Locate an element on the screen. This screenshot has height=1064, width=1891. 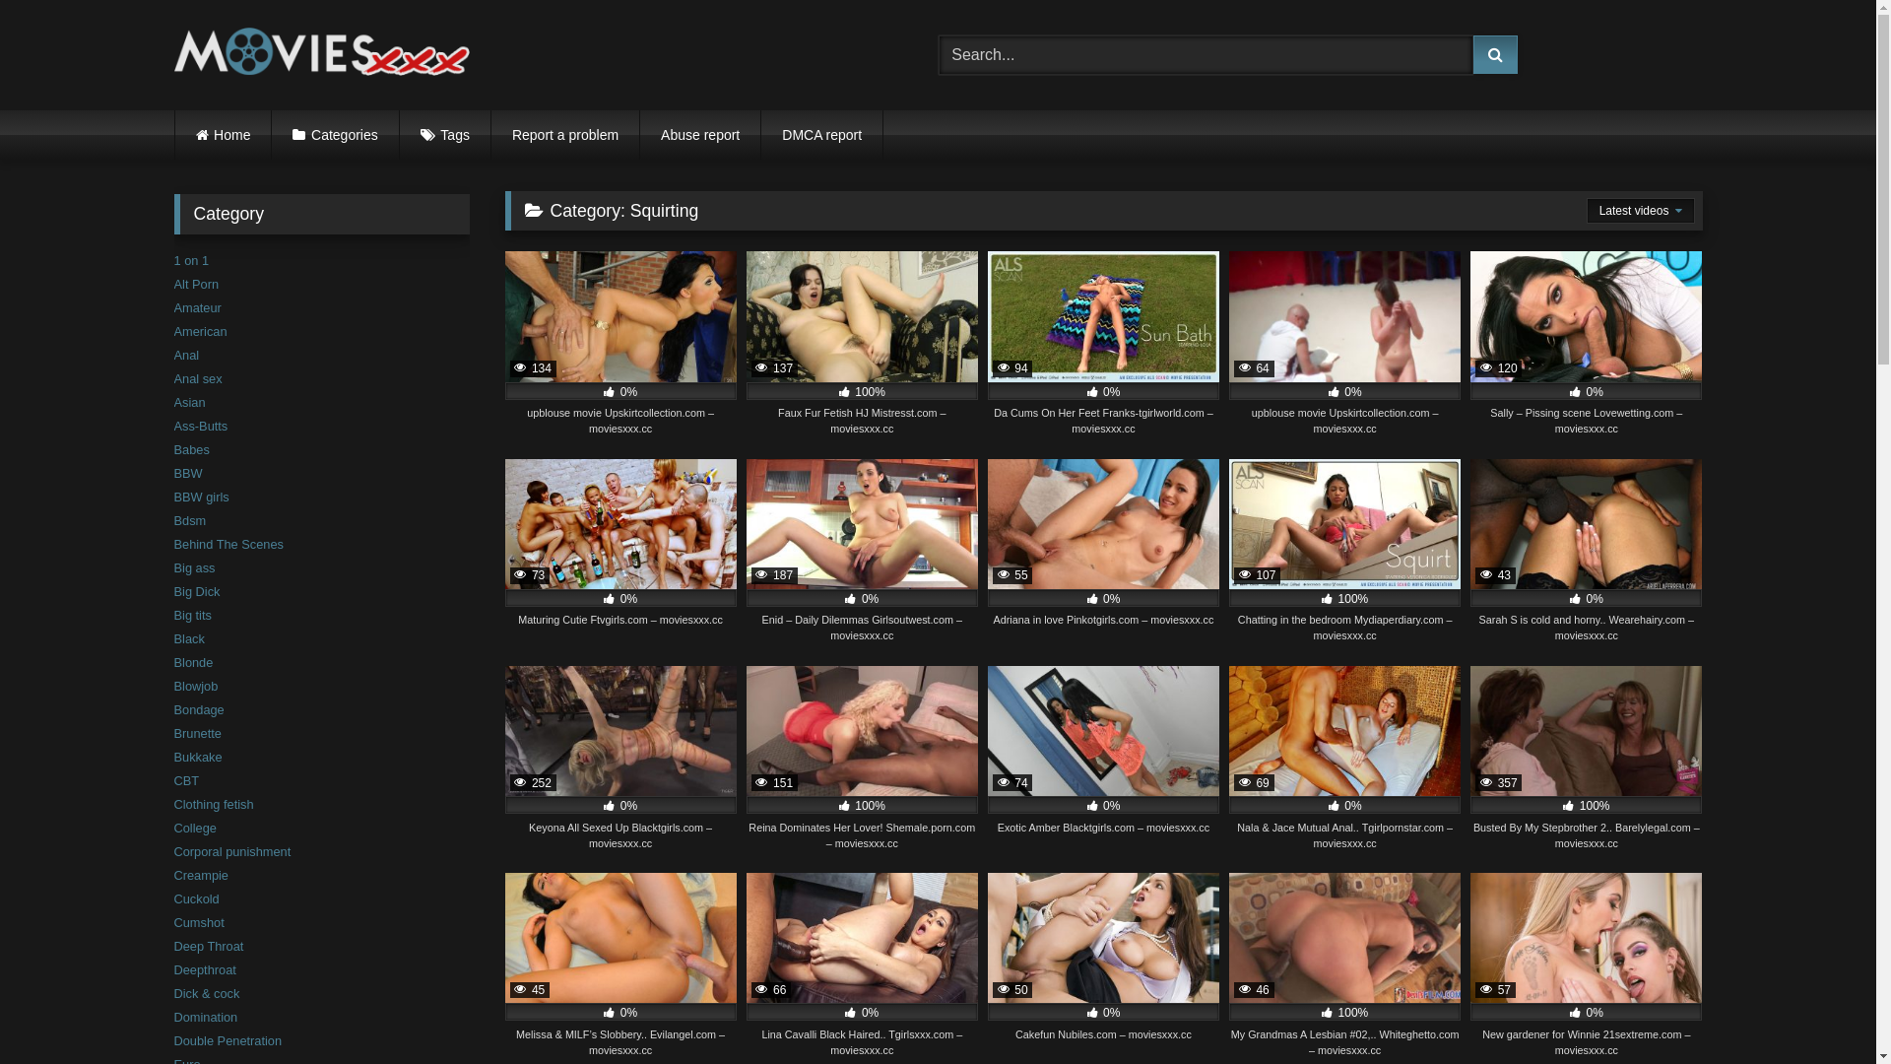
'Babes' is located at coordinates (190, 449).